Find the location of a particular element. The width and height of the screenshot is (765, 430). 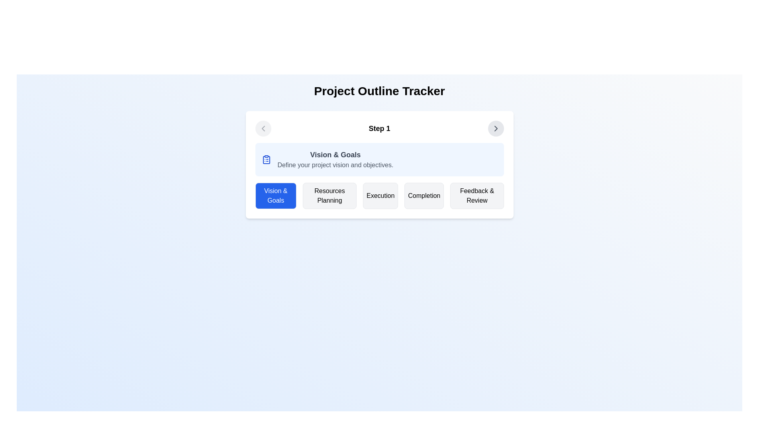

the text label that indicates the current step in the step navigation process, which is centrally located in the horizontal navigation bar is located at coordinates (379, 128).